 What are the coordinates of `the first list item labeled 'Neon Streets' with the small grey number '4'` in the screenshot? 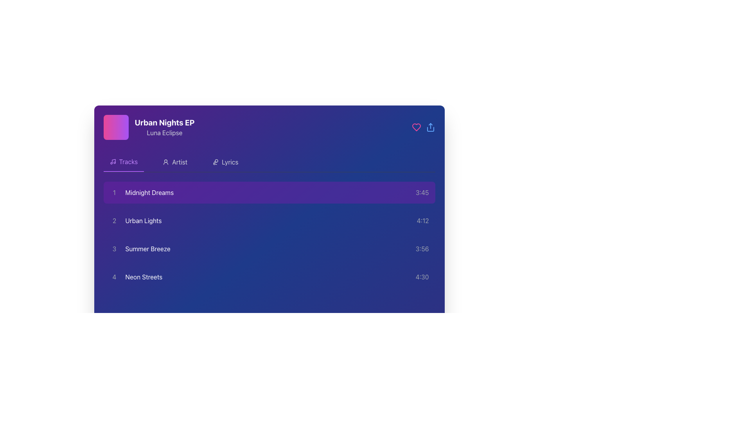 It's located at (136, 277).